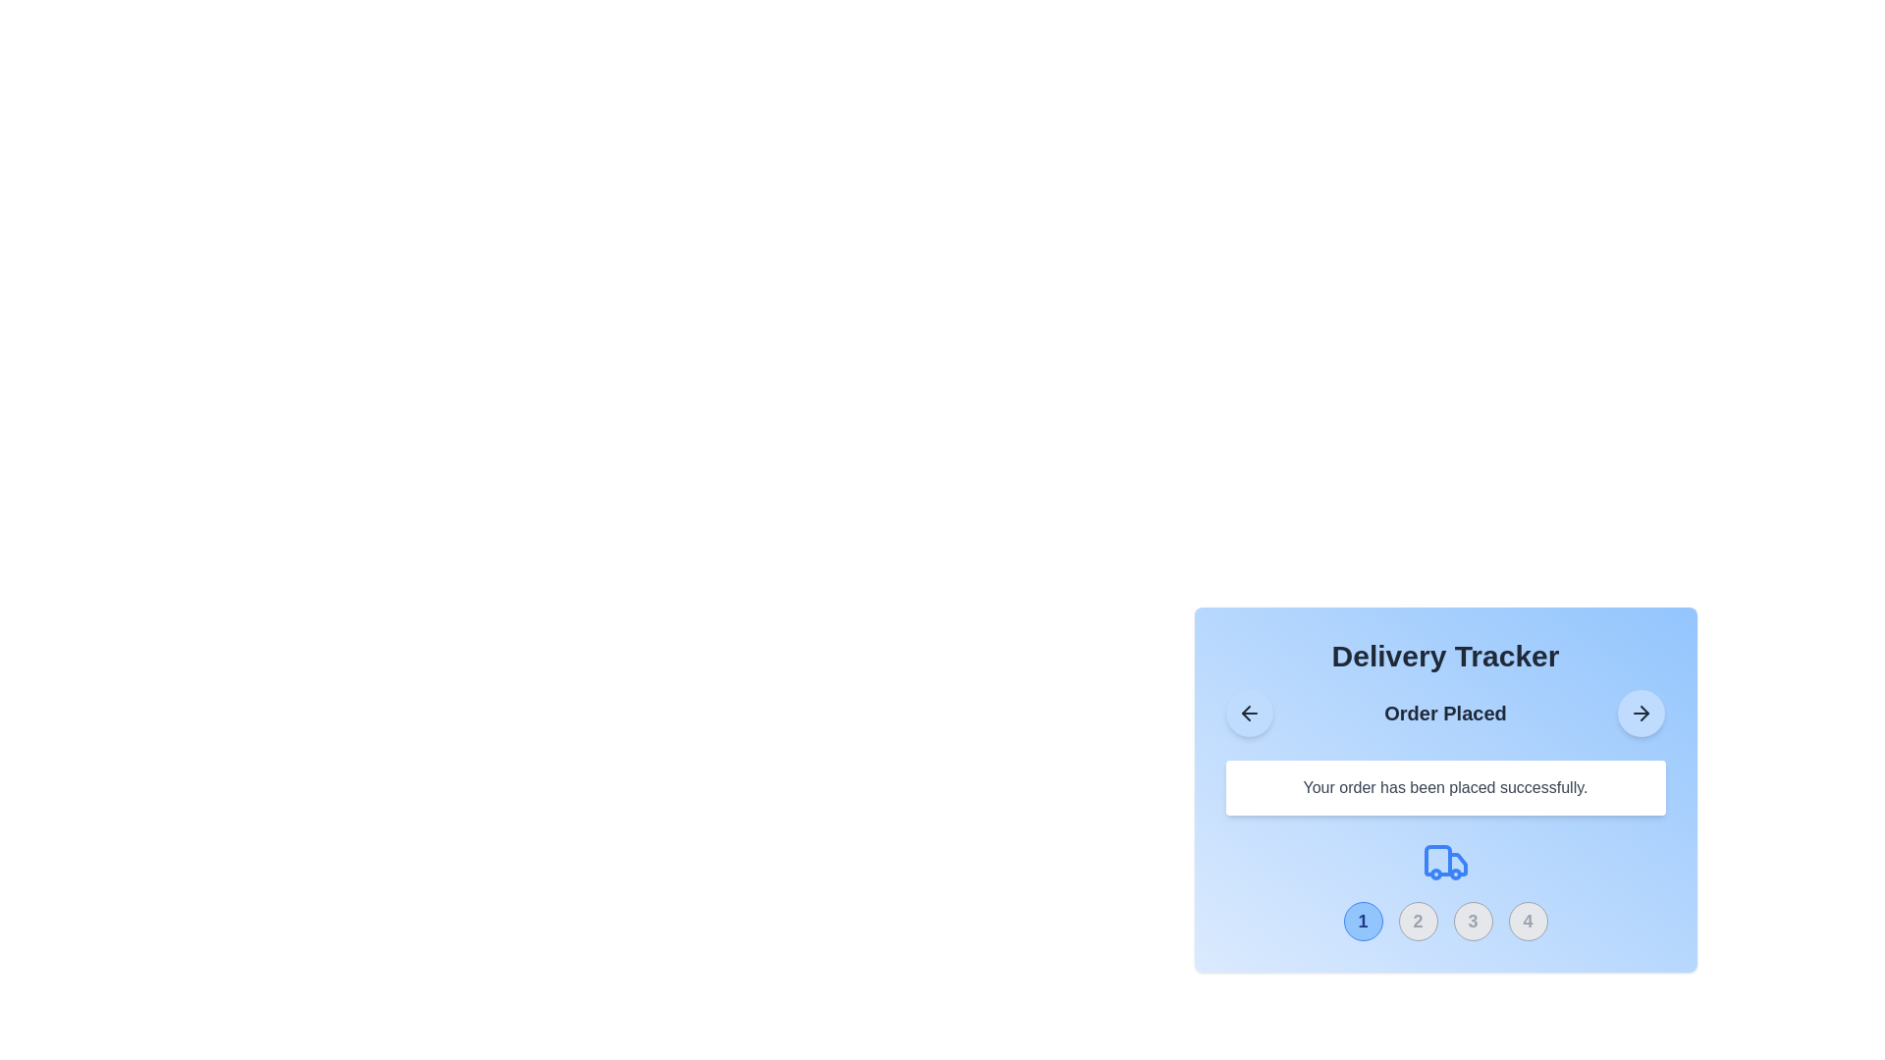  I want to click on the text display box that shows 'Your order has been placed successfully.' located under the 'Order Placed' heading in the 'Delivery Tracker' section, so click(1445, 786).